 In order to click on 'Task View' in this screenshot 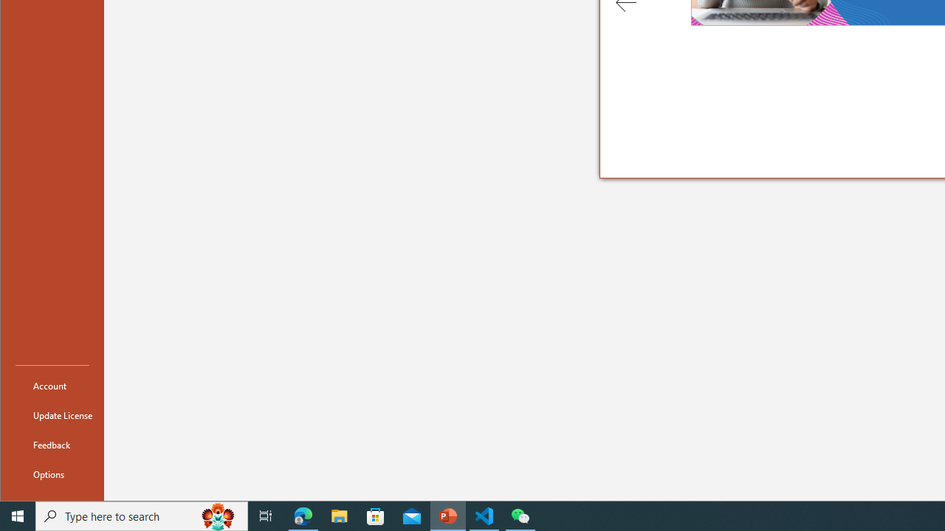, I will do `click(265, 515)`.